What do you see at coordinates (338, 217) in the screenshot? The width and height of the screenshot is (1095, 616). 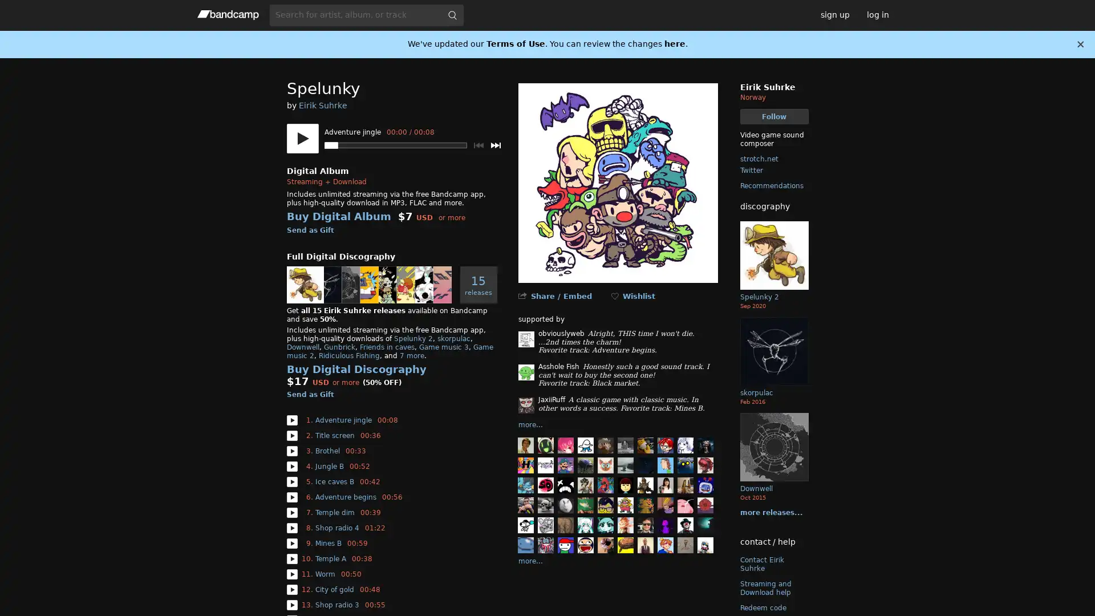 I see `Buy Digital Album` at bounding box center [338, 217].